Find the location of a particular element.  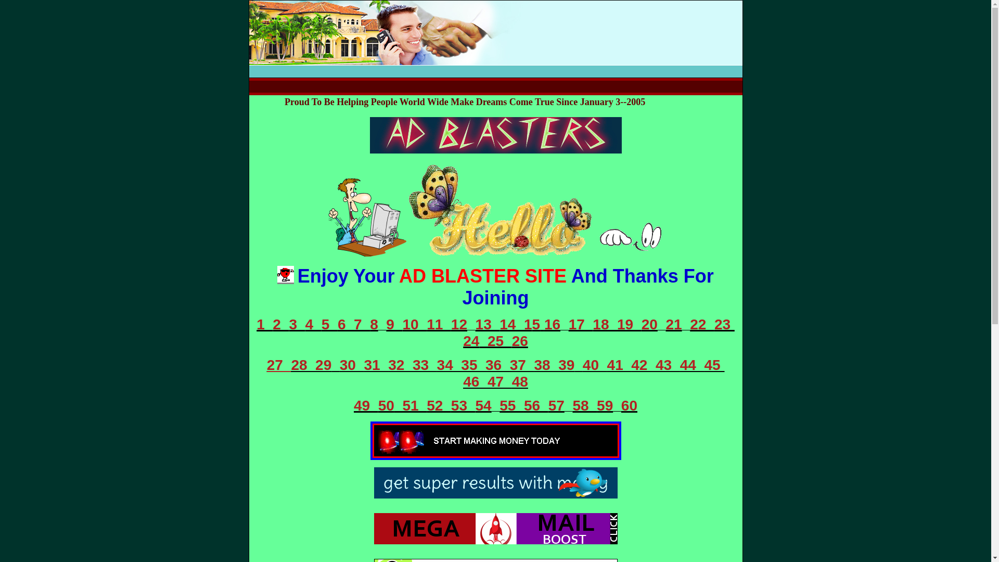

'52 ' is located at coordinates (439, 405).